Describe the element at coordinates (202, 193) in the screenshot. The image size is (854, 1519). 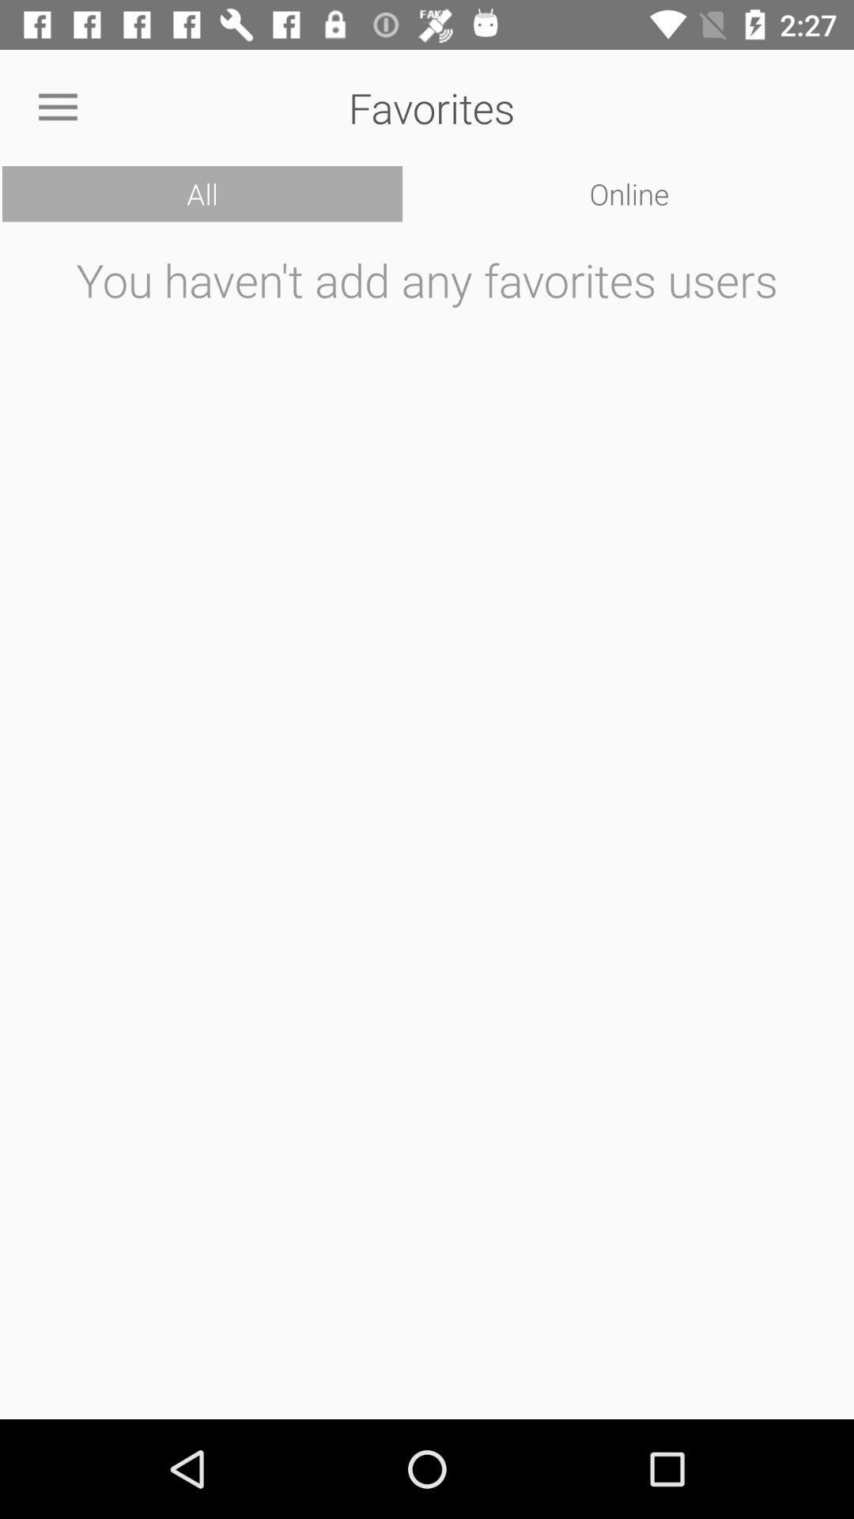
I see `item to the left of online icon` at that location.